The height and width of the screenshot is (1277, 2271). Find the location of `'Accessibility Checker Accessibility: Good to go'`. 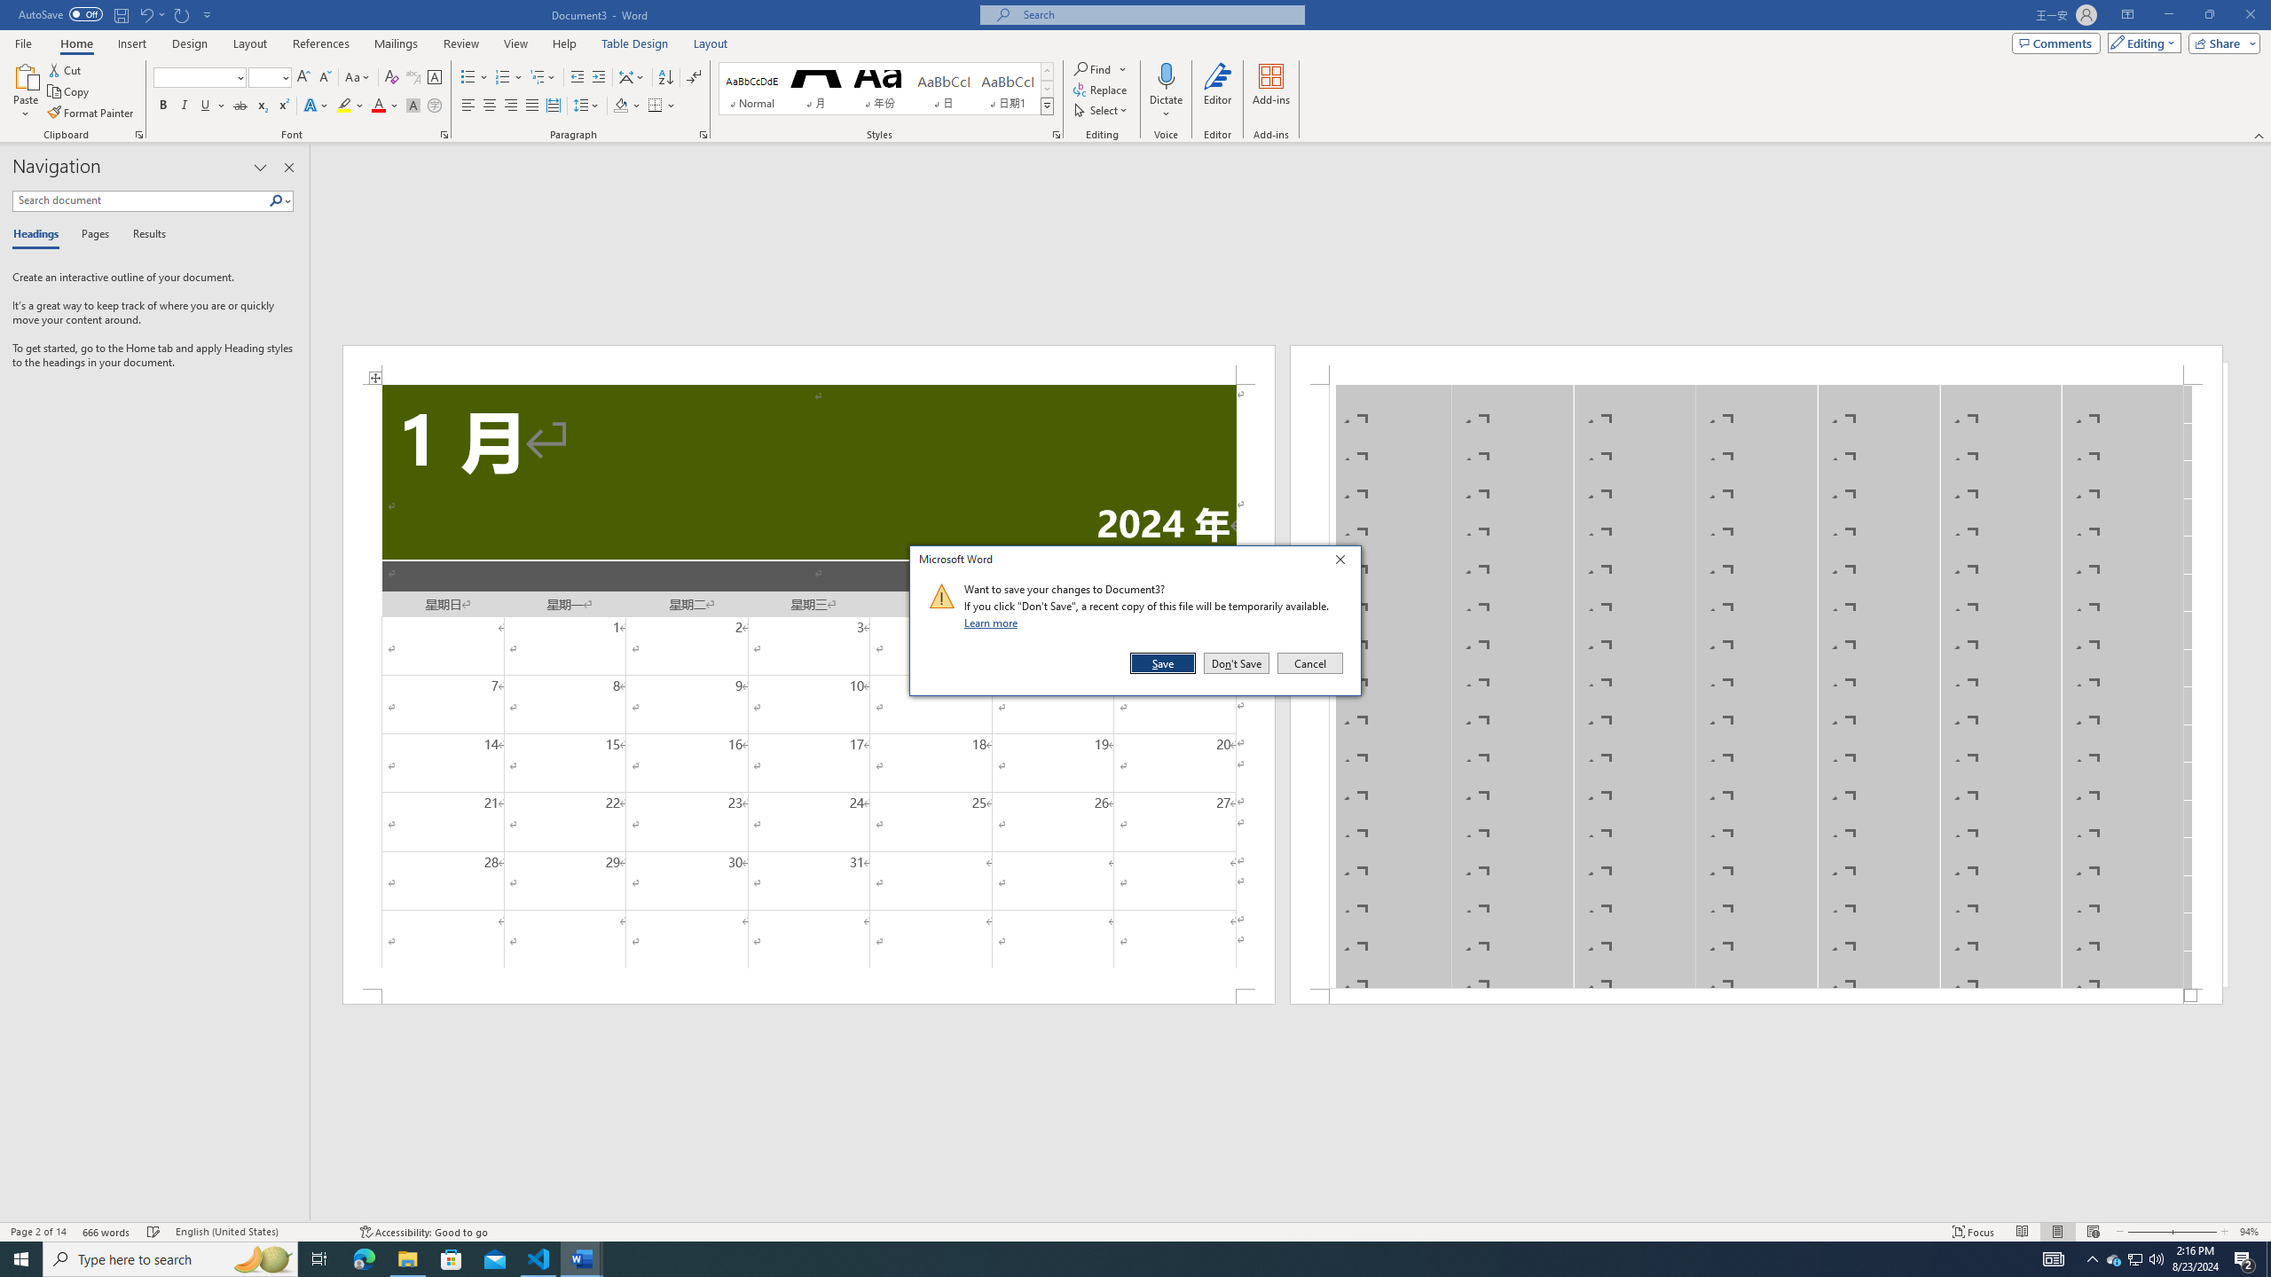

'Accessibility Checker Accessibility: Good to go' is located at coordinates (422, 1232).